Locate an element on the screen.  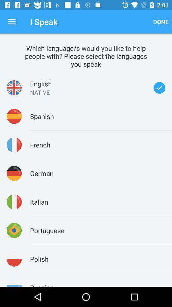
done item is located at coordinates (161, 22).